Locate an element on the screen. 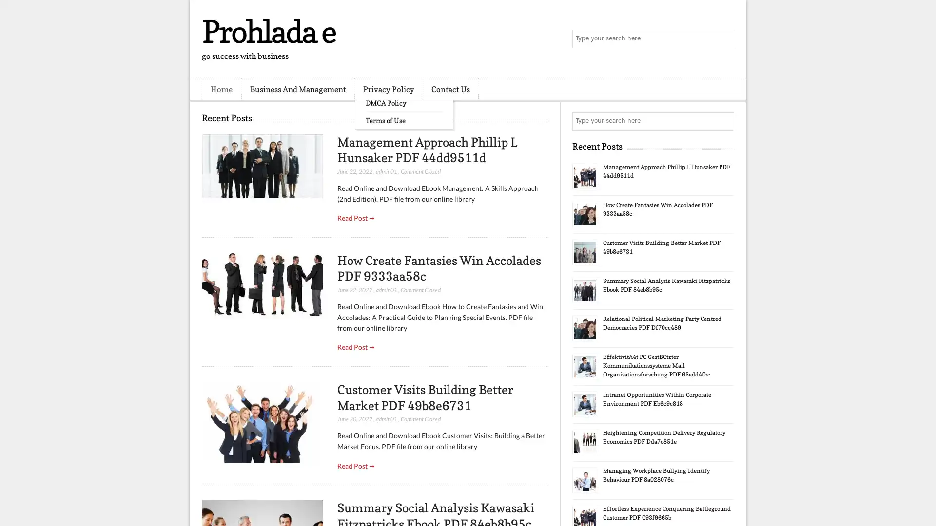 The width and height of the screenshot is (936, 526). Search is located at coordinates (724, 121).